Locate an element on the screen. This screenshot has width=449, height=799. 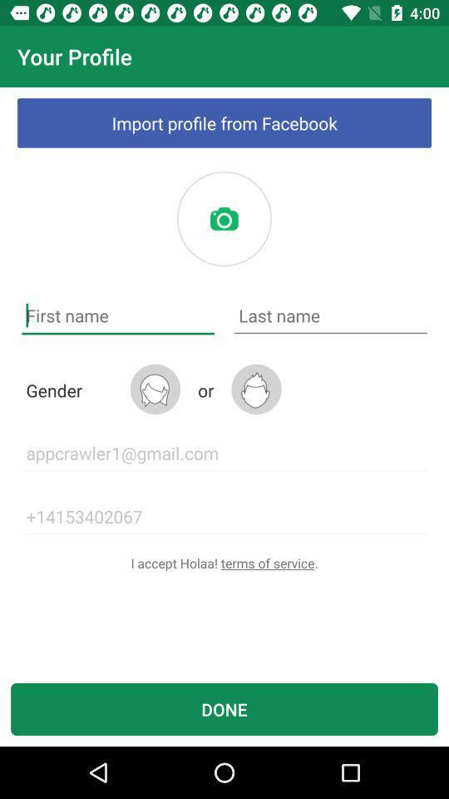
the icon below +14153402067 icon is located at coordinates (224, 563).